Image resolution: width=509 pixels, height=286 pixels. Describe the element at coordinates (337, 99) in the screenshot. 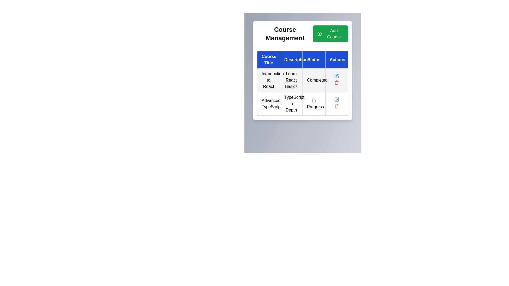

I see `the pen icon button in the Actions column of the second row` at that location.